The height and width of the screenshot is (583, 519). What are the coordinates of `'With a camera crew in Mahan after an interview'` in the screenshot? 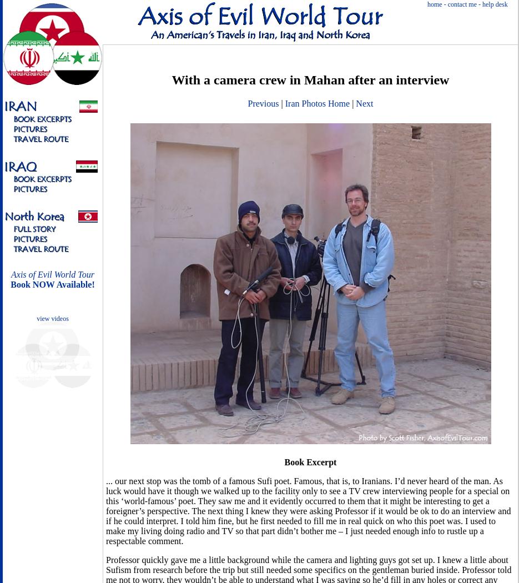 It's located at (310, 79).